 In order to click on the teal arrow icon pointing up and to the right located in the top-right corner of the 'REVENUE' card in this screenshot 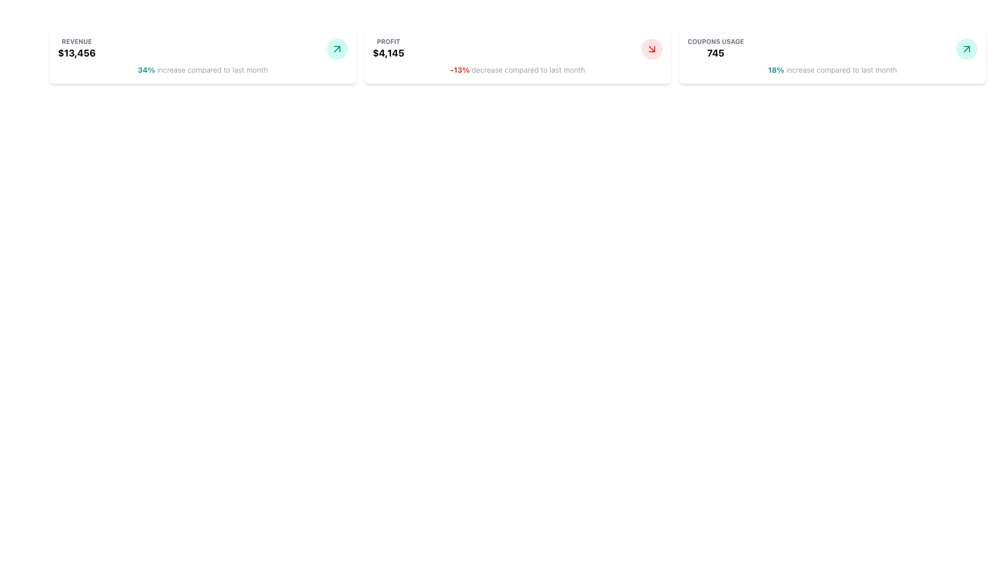, I will do `click(337, 49)`.